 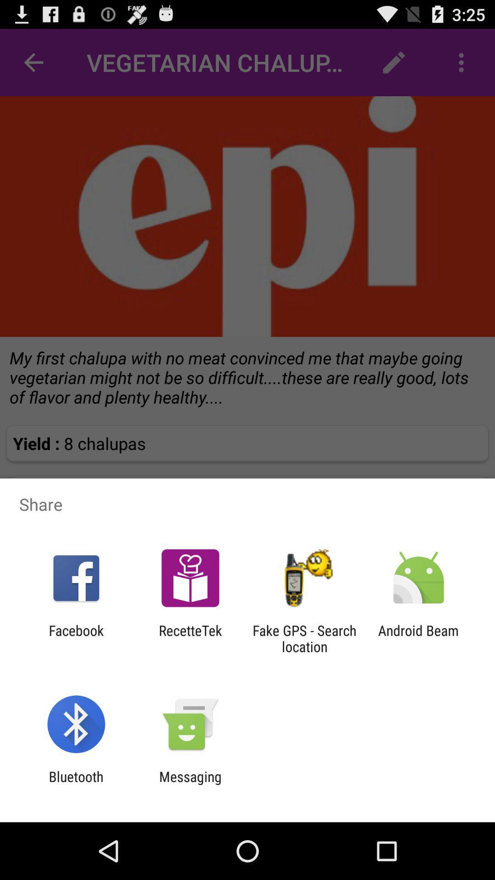 What do you see at coordinates (418, 638) in the screenshot?
I see `the icon next to fake gps search icon` at bounding box center [418, 638].